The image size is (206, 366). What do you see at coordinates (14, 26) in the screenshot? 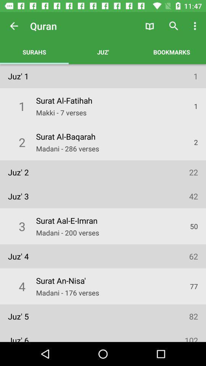
I see `app next to quran icon` at bounding box center [14, 26].